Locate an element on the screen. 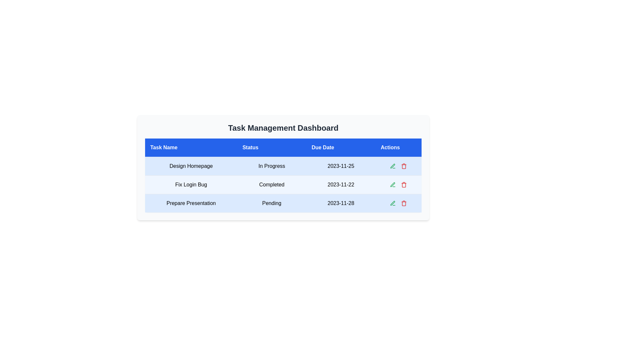 The image size is (626, 352). the second row of the task management table displaying the task name 'Fix Login Bug', which is located below the header row is located at coordinates (283, 185).